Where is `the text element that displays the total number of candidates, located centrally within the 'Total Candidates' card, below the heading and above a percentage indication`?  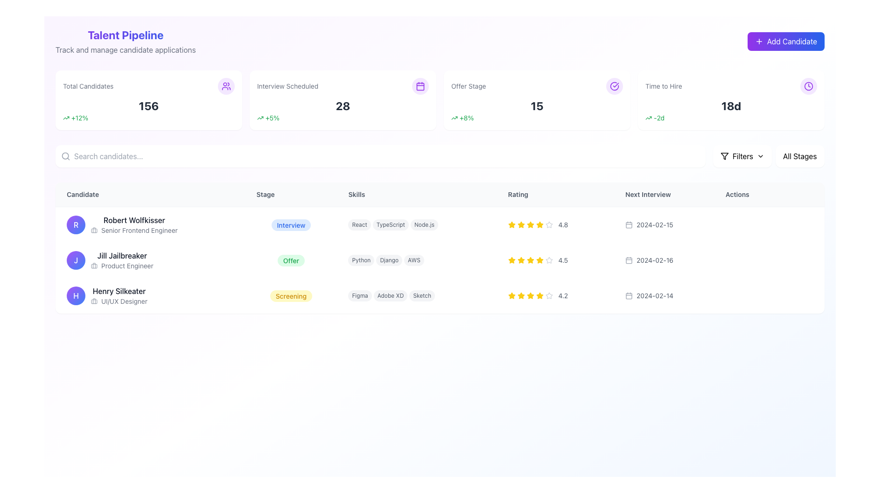
the text element that displays the total number of candidates, located centrally within the 'Total Candidates' card, below the heading and above a percentage indication is located at coordinates (148, 105).